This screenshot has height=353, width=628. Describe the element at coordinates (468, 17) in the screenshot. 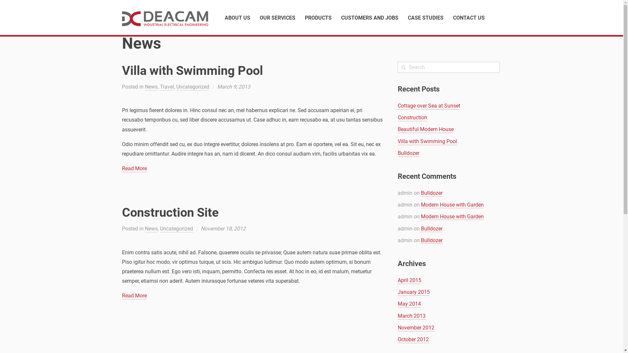

I see `'CONTACT US'` at that location.